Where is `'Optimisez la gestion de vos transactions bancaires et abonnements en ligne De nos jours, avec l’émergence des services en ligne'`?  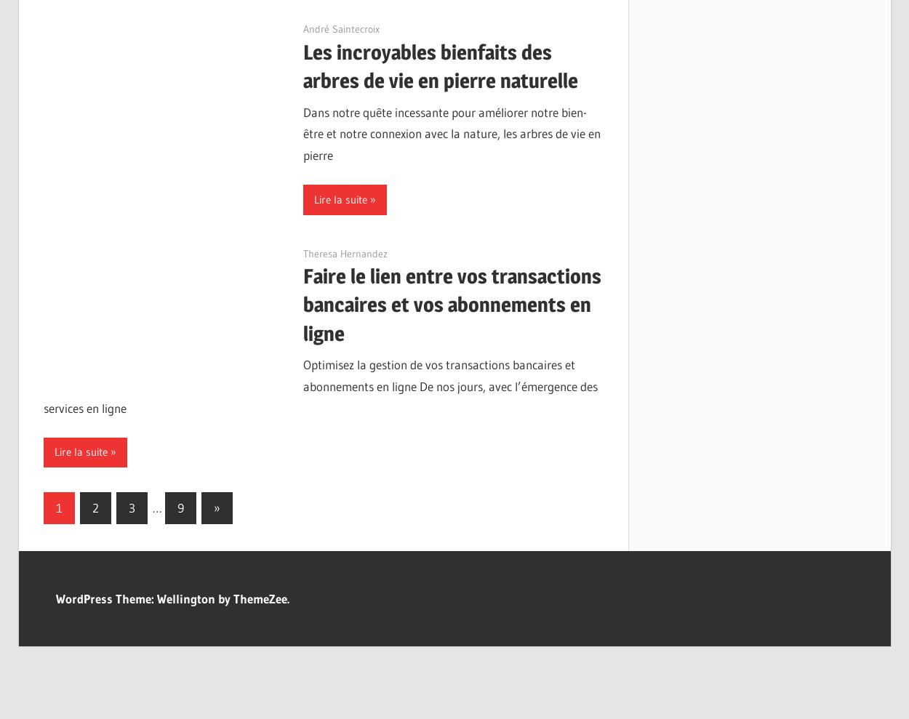 'Optimisez la gestion de vos transactions bancaires et abonnements en ligne De nos jours, avec l’émergence des services en ligne' is located at coordinates (43, 385).